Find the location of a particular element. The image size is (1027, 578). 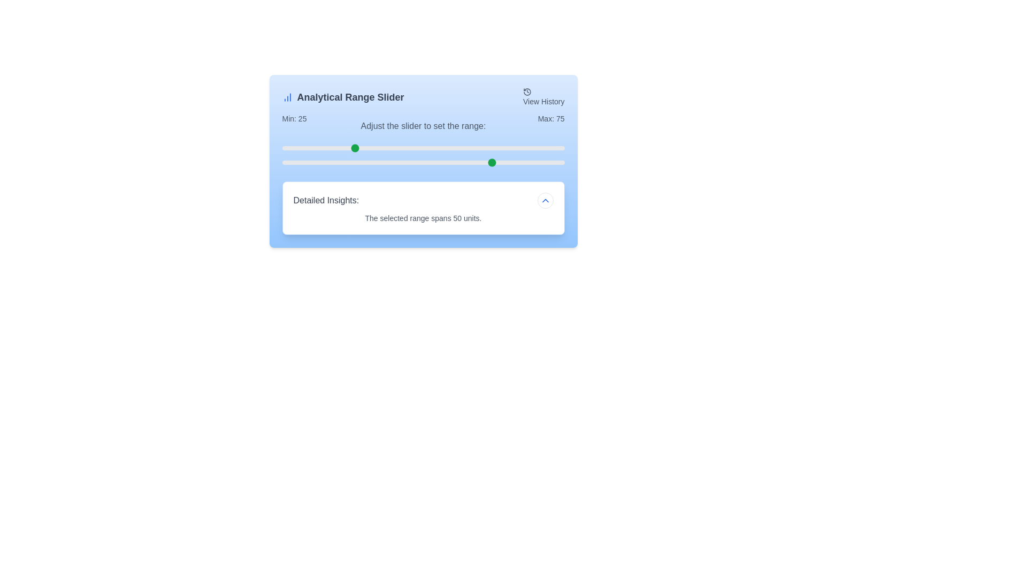

the minimum range slider to 30 is located at coordinates (366, 148).